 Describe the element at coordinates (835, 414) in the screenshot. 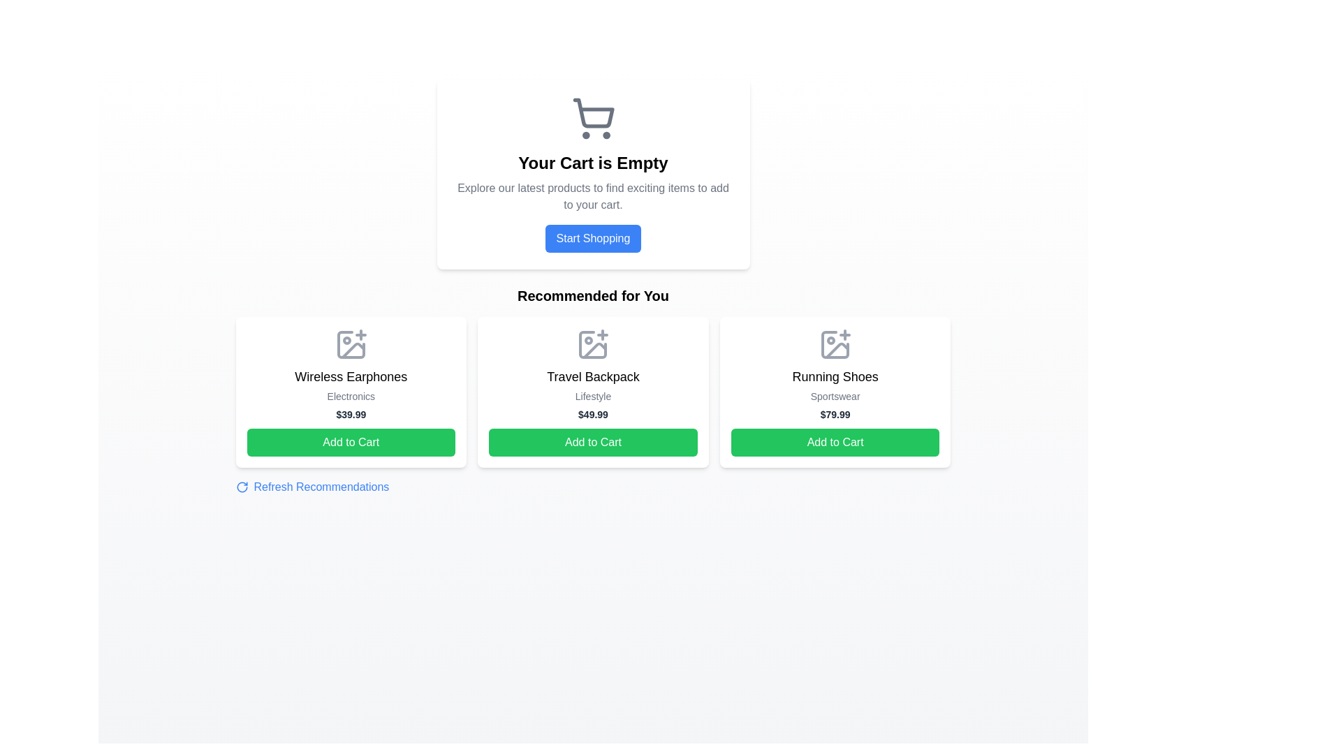

I see `the price text label located in the bottom half of the 'Running Shoes' product card, positioned beneath the 'Sportswear' text and above the 'Add to Cart' button` at that location.